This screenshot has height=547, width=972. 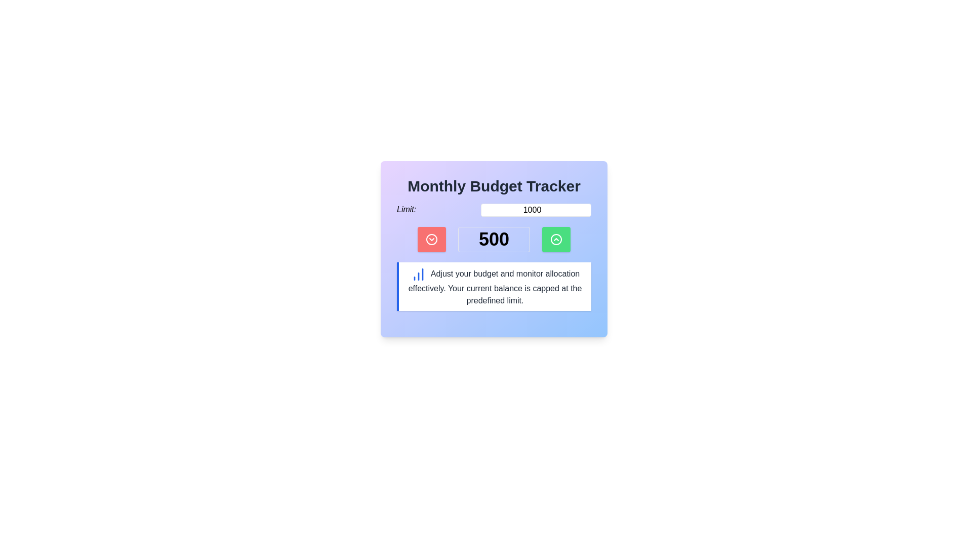 I want to click on the circular button with an upward chevron icon located to the right of the central numeric display, so click(x=556, y=240).